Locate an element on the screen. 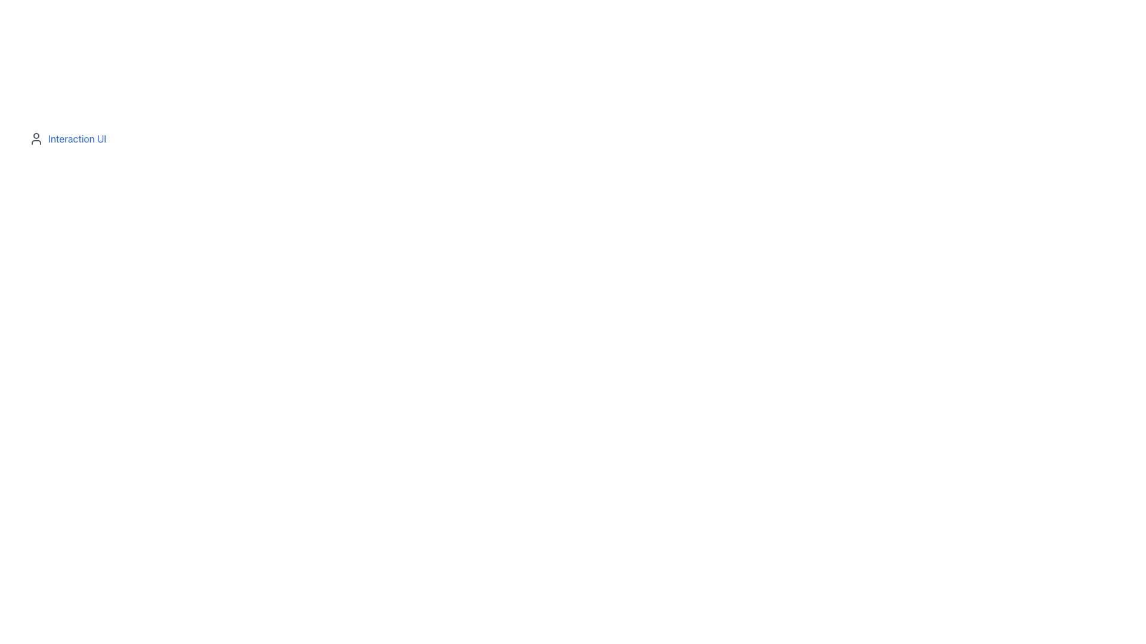 The width and height of the screenshot is (1146, 644). the blue-colored text label 'Interaction UI' to activate the underline effect is located at coordinates (76, 138).